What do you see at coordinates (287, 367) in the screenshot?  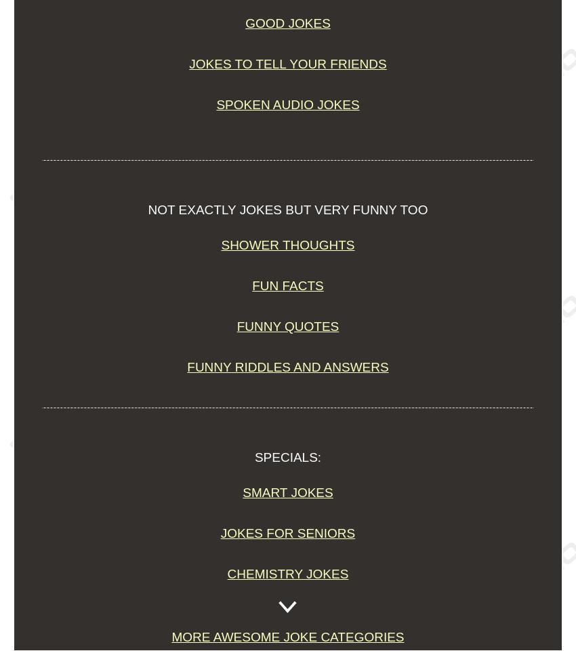 I see `'Funny Riddles and Answers'` at bounding box center [287, 367].